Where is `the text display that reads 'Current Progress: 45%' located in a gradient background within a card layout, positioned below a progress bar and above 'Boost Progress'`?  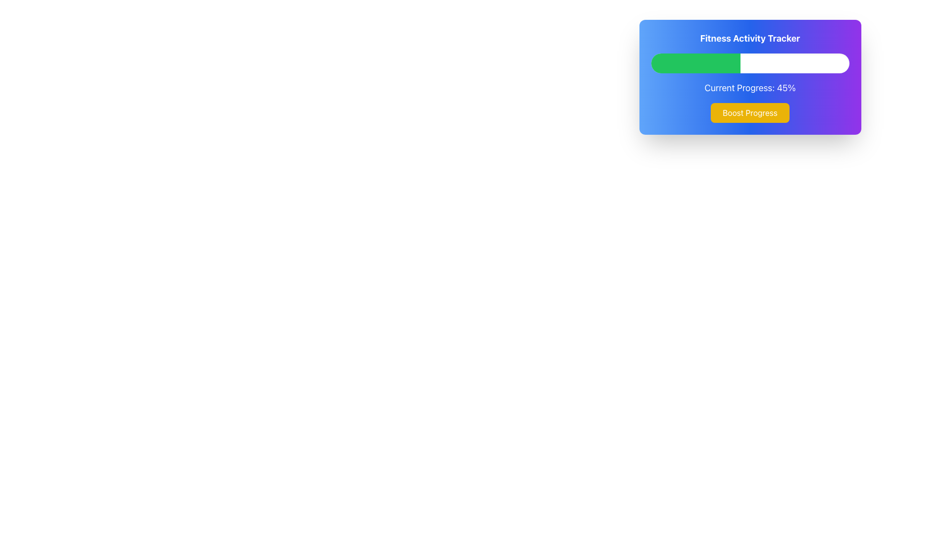 the text display that reads 'Current Progress: 45%' located in a gradient background within a card layout, positioned below a progress bar and above 'Boost Progress' is located at coordinates (750, 87).